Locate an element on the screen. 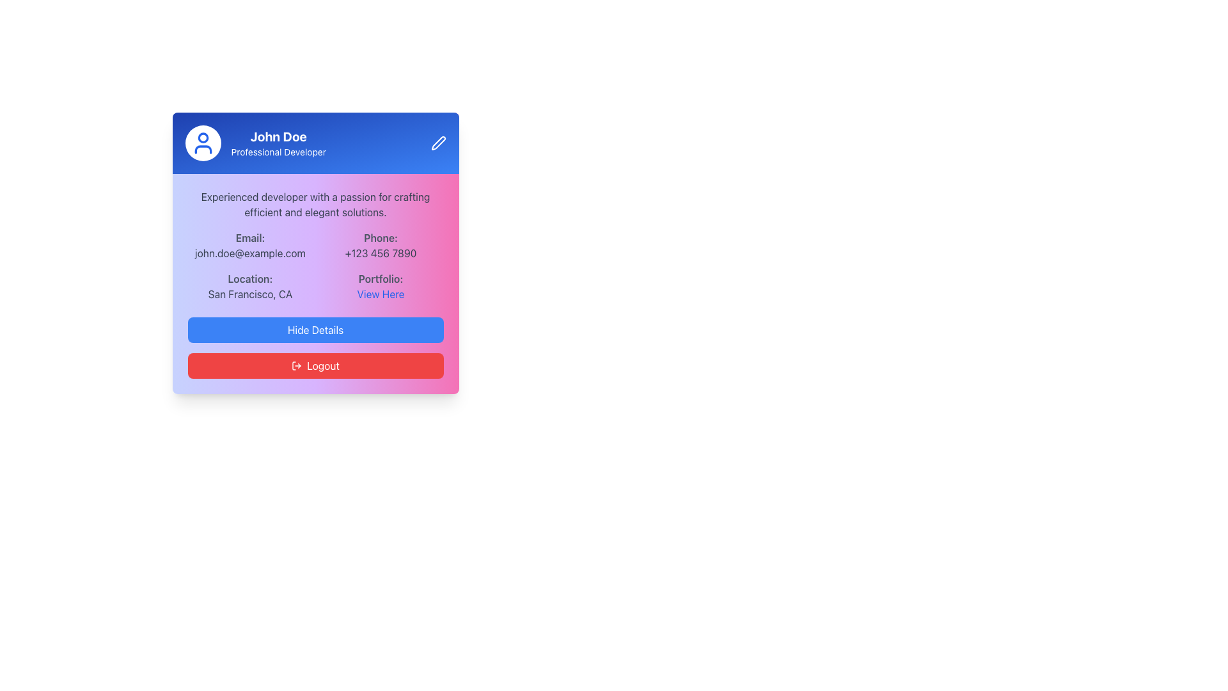  the circular user icon element located in the top-left section of the card is located at coordinates (202, 138).